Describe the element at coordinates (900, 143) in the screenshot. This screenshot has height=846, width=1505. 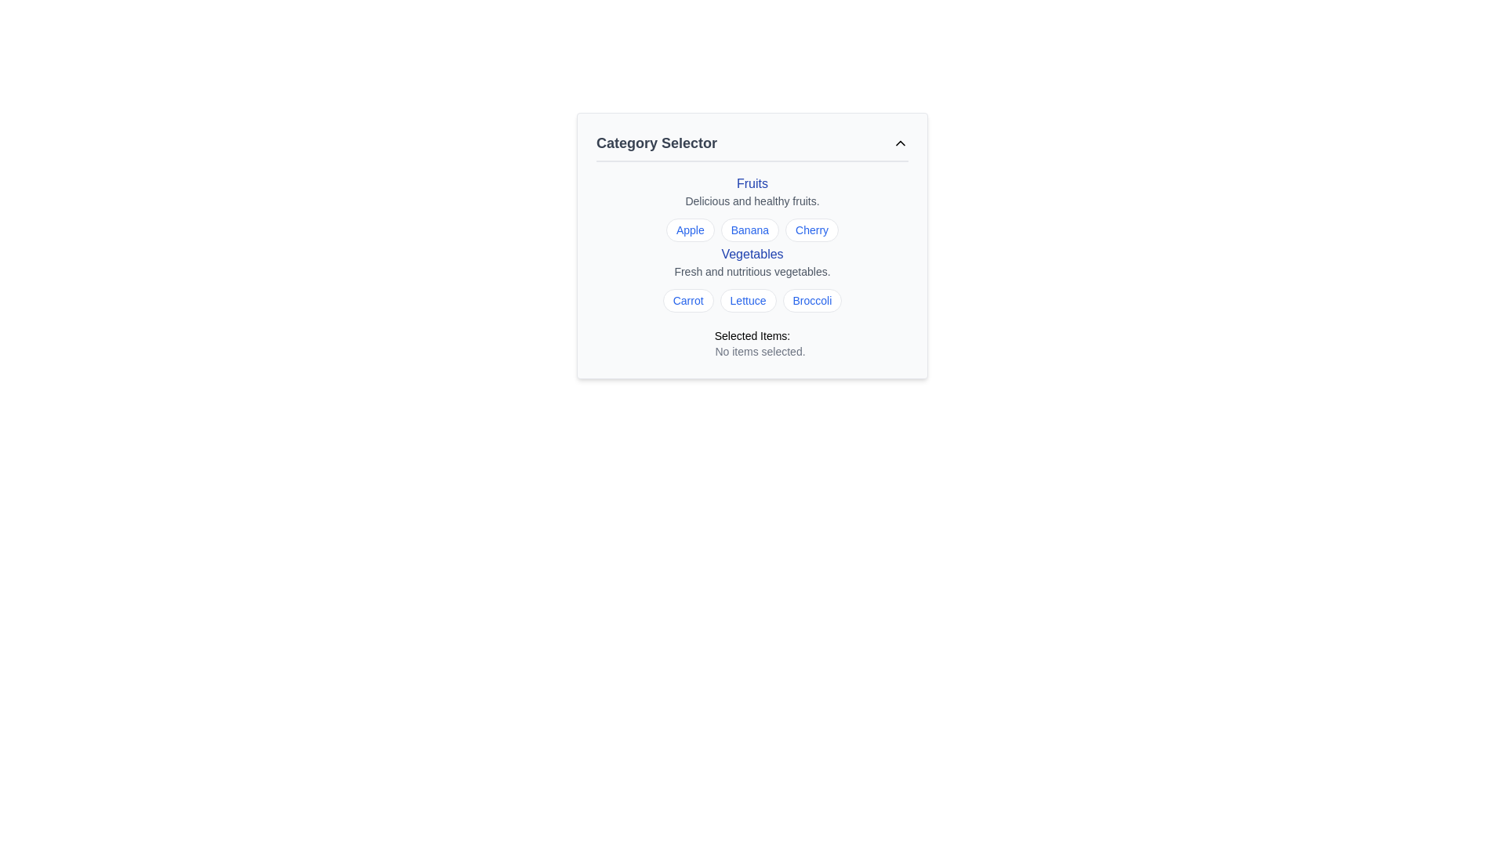
I see `the chevron icon in the top-right corner of the 'Category Selector' header section` at that location.